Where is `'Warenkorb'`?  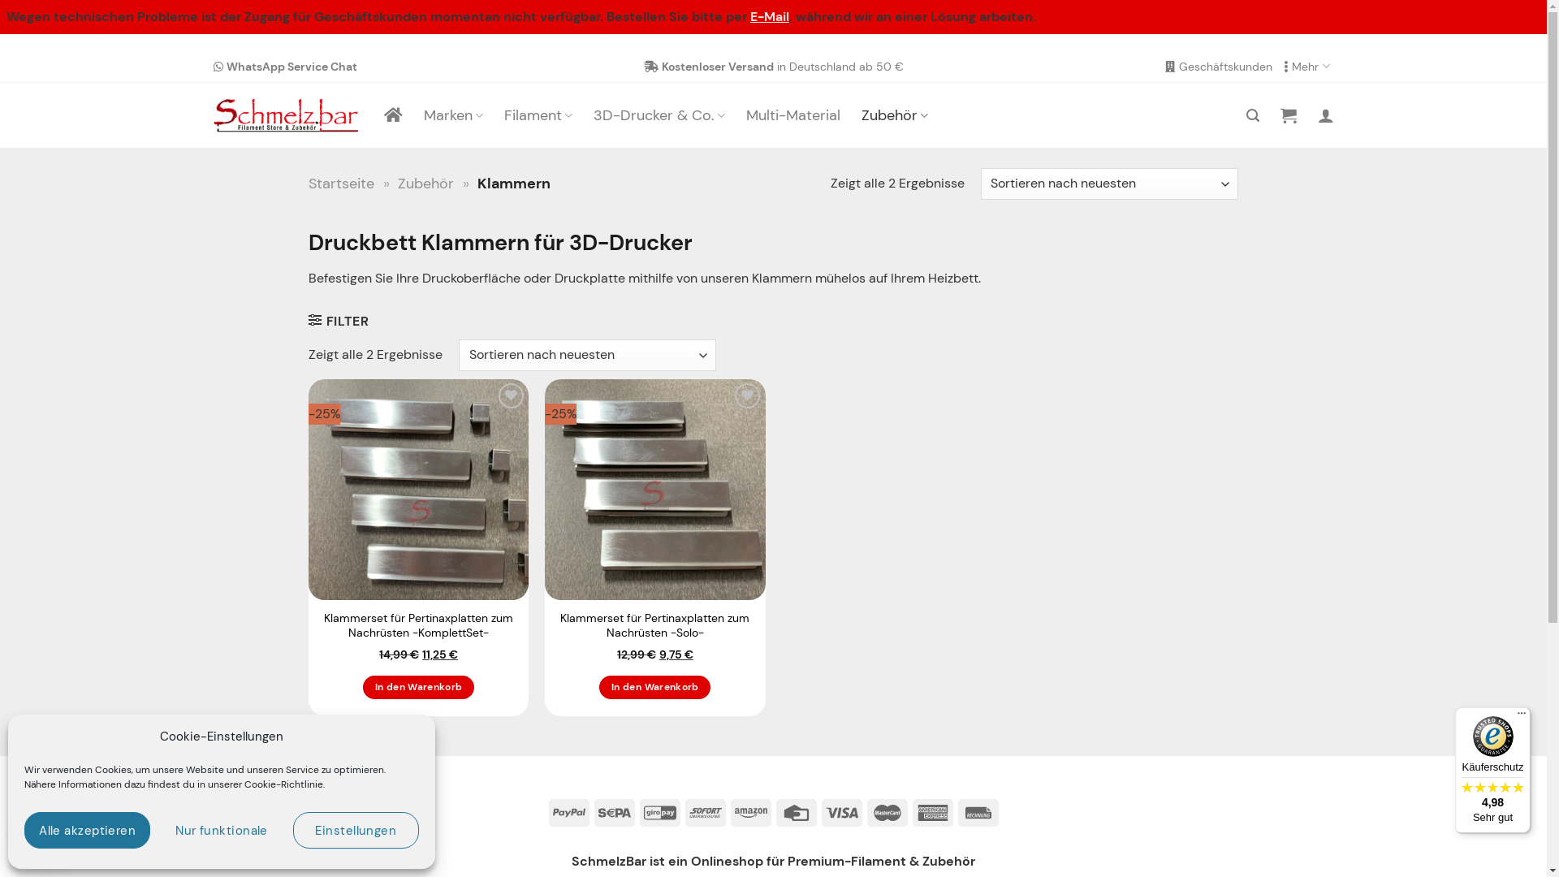 'Warenkorb' is located at coordinates (1286, 114).